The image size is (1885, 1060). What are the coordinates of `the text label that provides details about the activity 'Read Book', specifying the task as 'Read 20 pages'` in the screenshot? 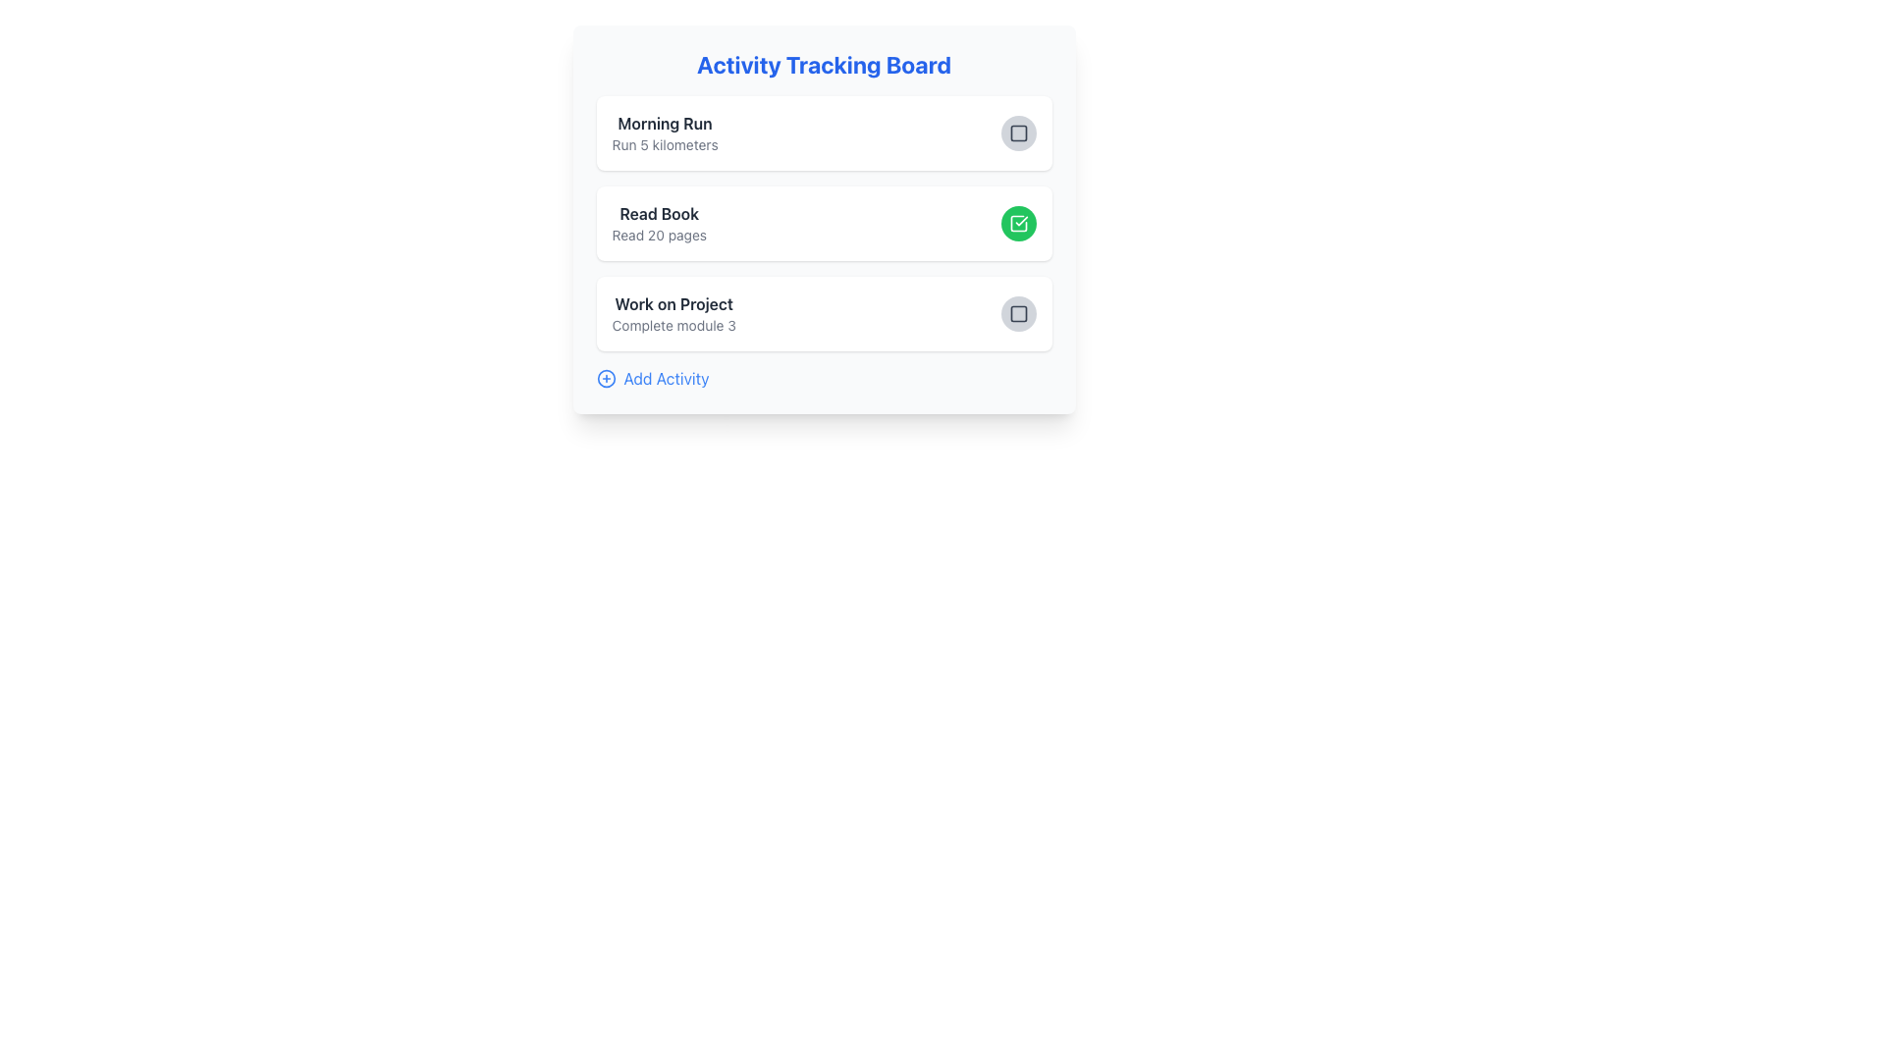 It's located at (659, 234).